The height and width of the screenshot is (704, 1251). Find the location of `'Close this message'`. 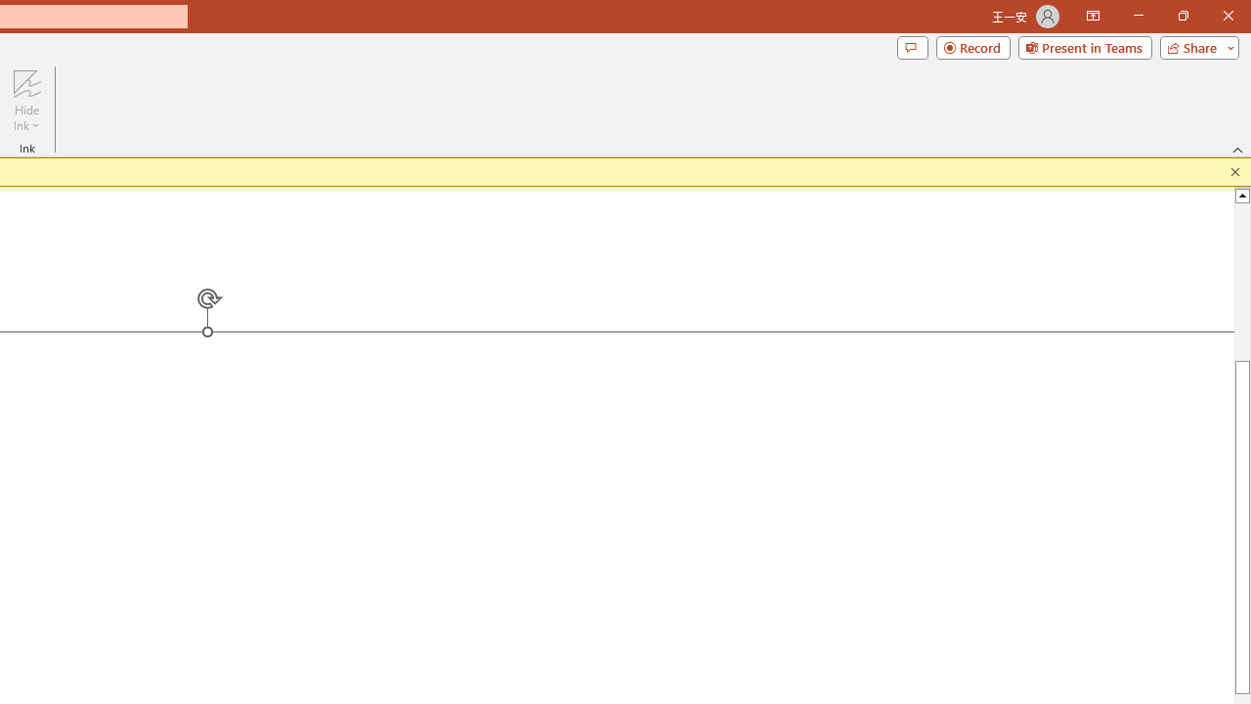

'Close this message' is located at coordinates (1234, 171).